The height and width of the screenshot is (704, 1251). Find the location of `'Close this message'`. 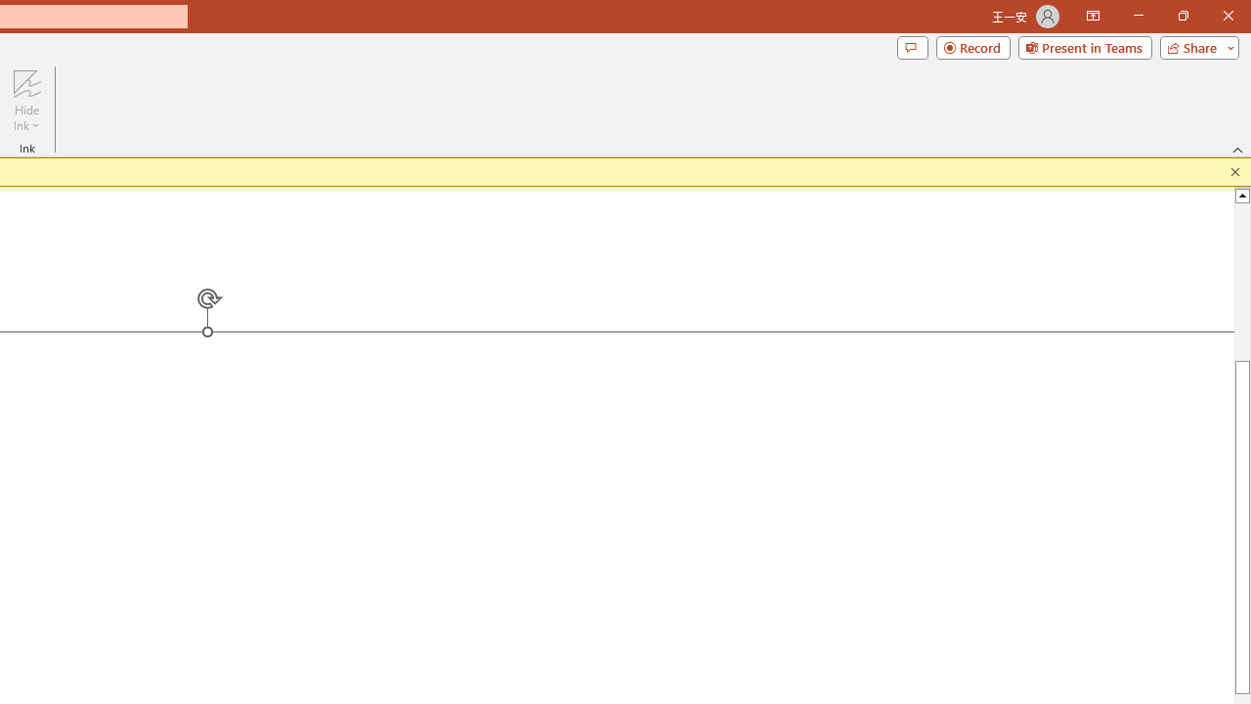

'Close this message' is located at coordinates (1234, 171).